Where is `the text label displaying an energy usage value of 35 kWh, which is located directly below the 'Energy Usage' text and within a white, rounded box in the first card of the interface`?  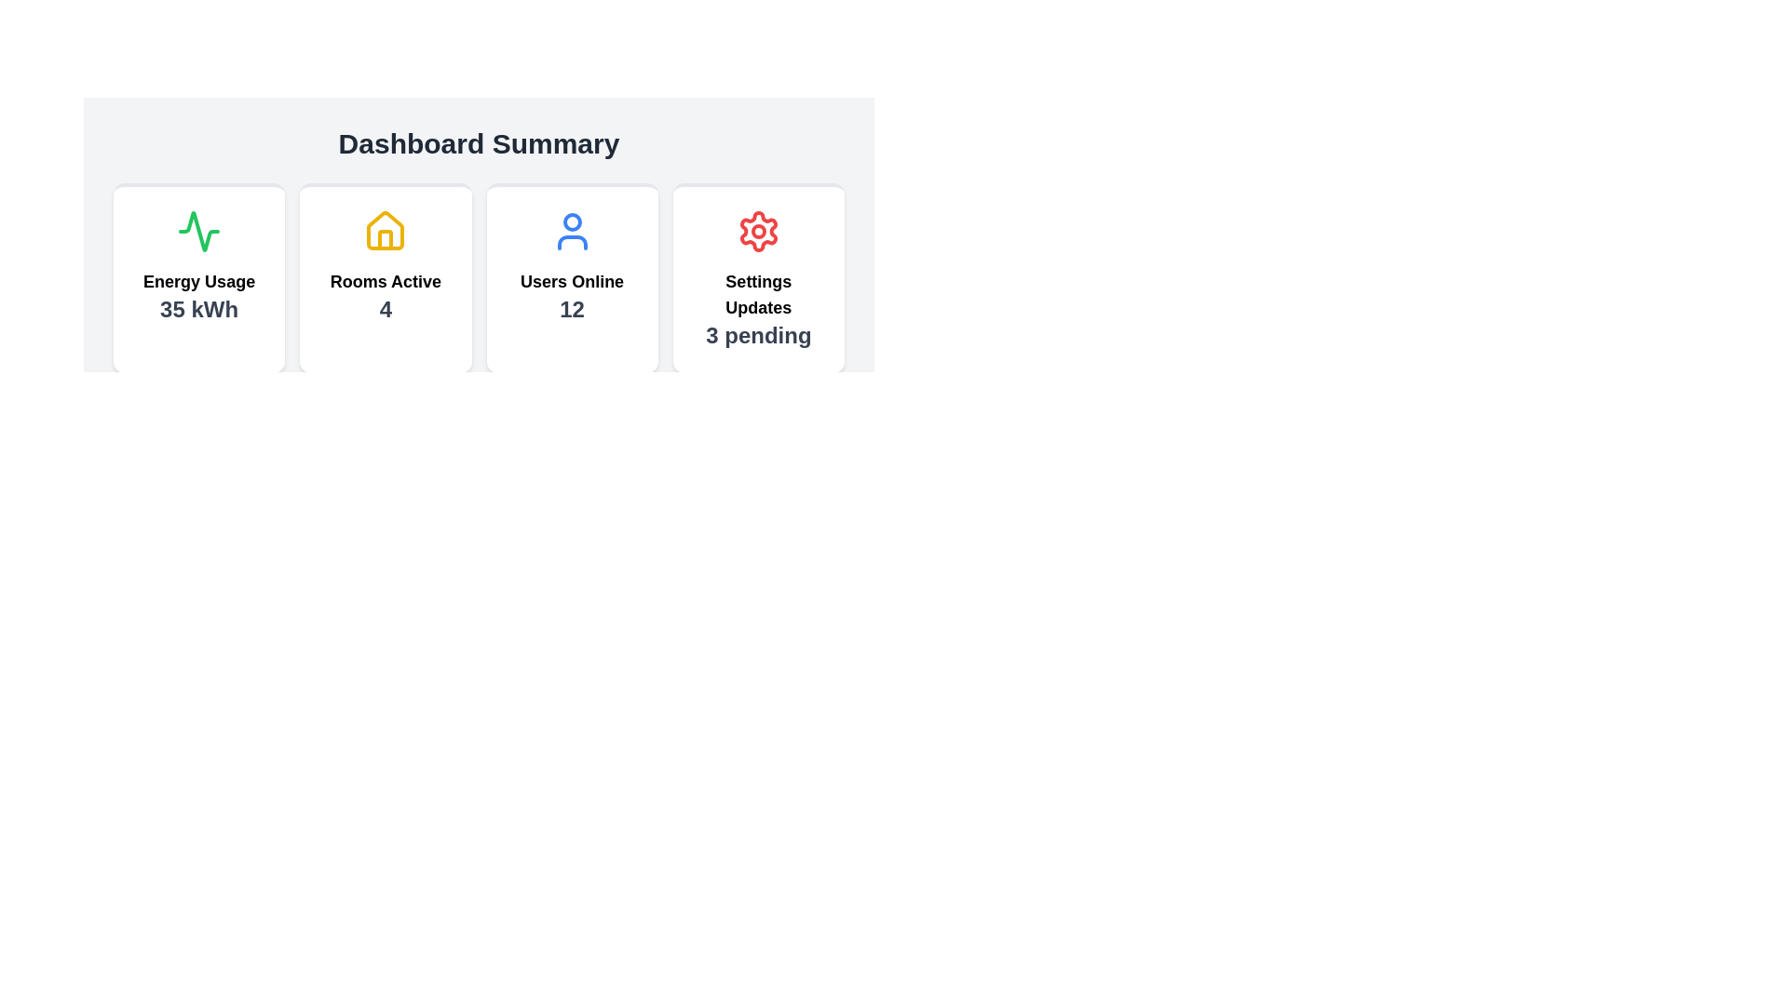 the text label displaying an energy usage value of 35 kWh, which is located directly below the 'Energy Usage' text and within a white, rounded box in the first card of the interface is located at coordinates (199, 308).